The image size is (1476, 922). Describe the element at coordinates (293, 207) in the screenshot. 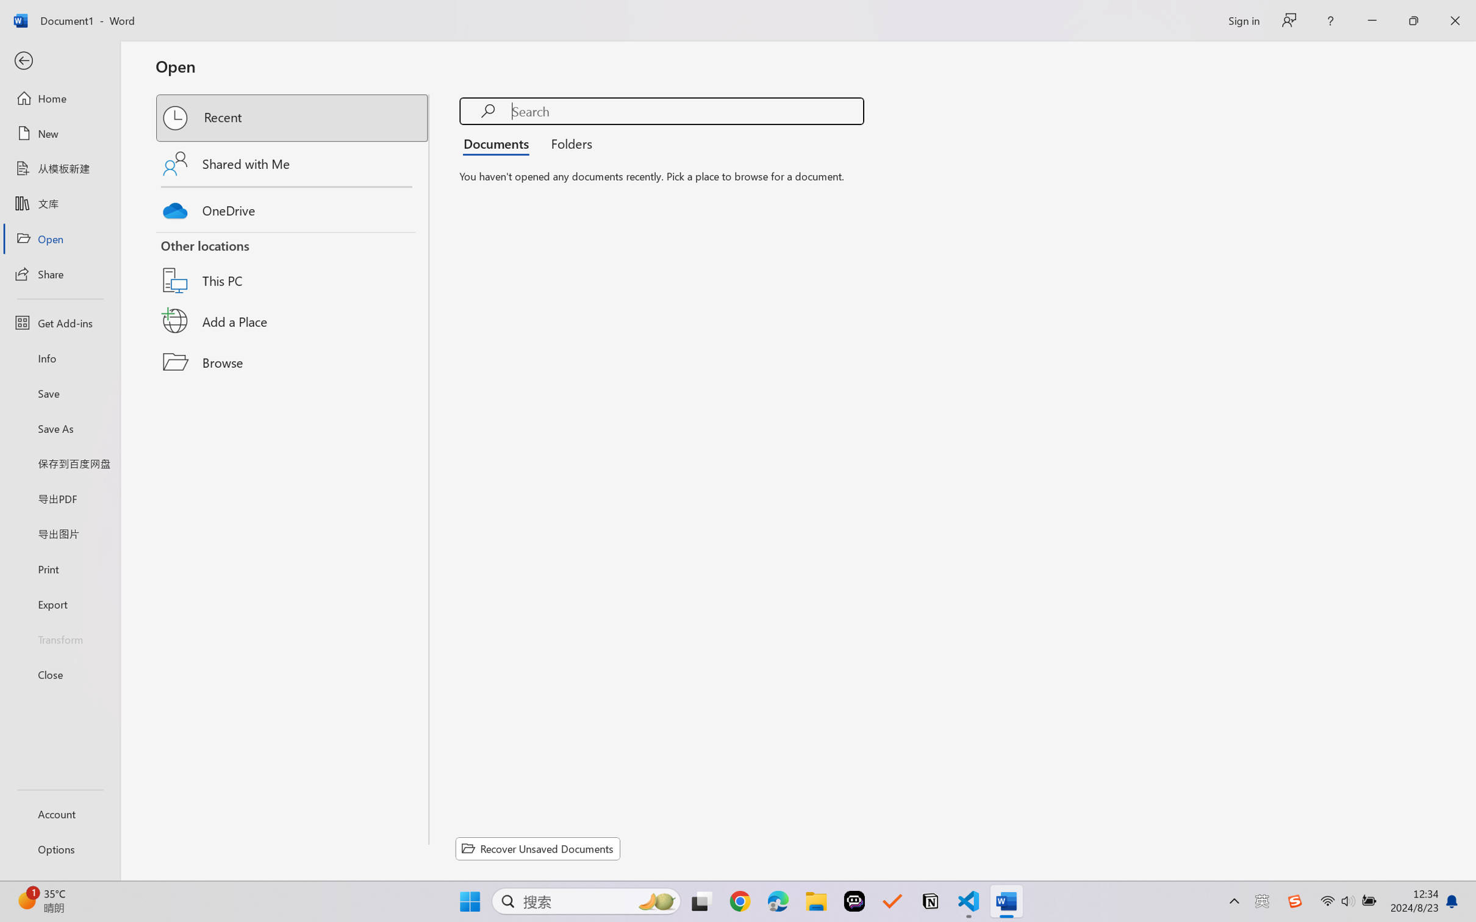

I see `'OneDrive'` at that location.